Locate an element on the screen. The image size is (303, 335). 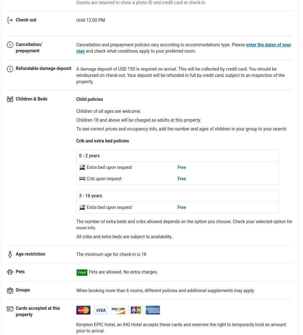
'Refundable damage deposit' is located at coordinates (43, 68).